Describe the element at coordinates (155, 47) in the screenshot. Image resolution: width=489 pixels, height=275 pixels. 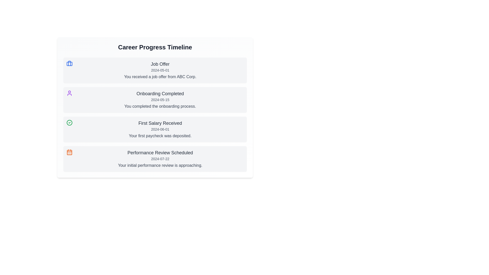
I see `the text element with the content 'Career Progress Timeline', which is styled in large, bold, dark gray font and located at the top center of the card layout` at that location.